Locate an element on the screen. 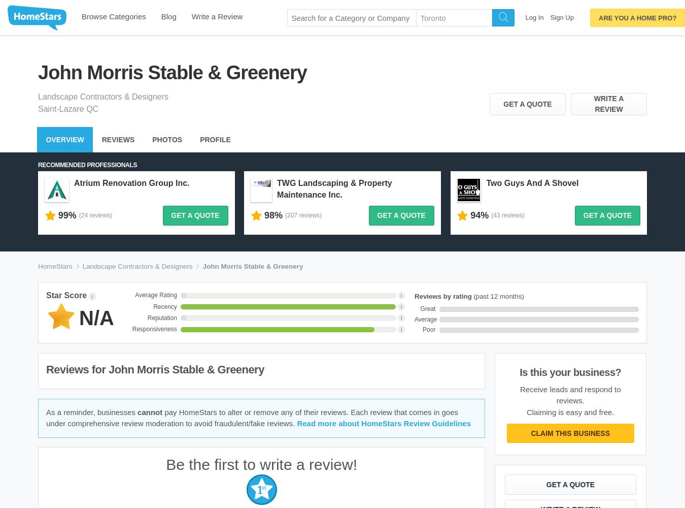 The height and width of the screenshot is (508, 685). 'Star Score' is located at coordinates (66, 294).